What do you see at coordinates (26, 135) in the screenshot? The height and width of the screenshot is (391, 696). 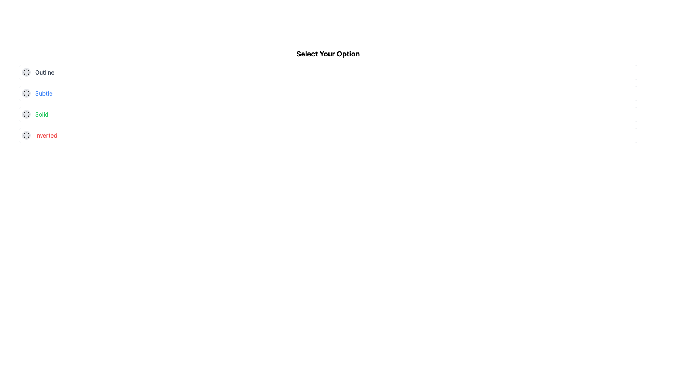 I see `the radio button labeled 'Inverted', which is the leftmost selectable option in the selection row` at bounding box center [26, 135].